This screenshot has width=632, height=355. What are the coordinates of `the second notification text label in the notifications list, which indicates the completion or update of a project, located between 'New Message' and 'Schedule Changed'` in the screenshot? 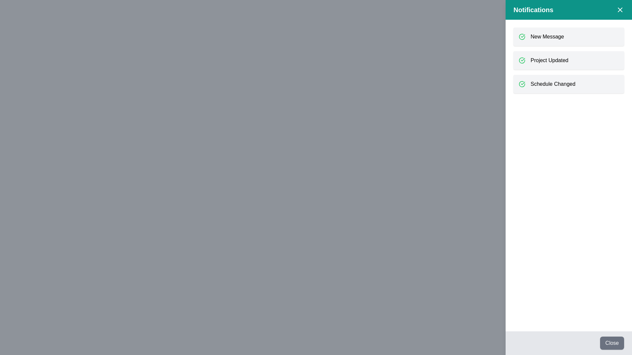 It's located at (549, 60).